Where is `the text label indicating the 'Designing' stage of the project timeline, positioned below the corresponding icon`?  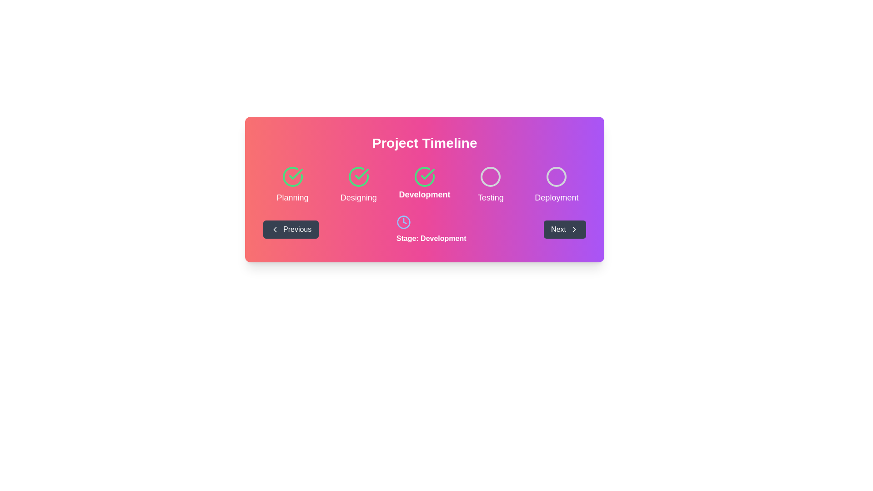 the text label indicating the 'Designing' stage of the project timeline, positioned below the corresponding icon is located at coordinates (358, 197).